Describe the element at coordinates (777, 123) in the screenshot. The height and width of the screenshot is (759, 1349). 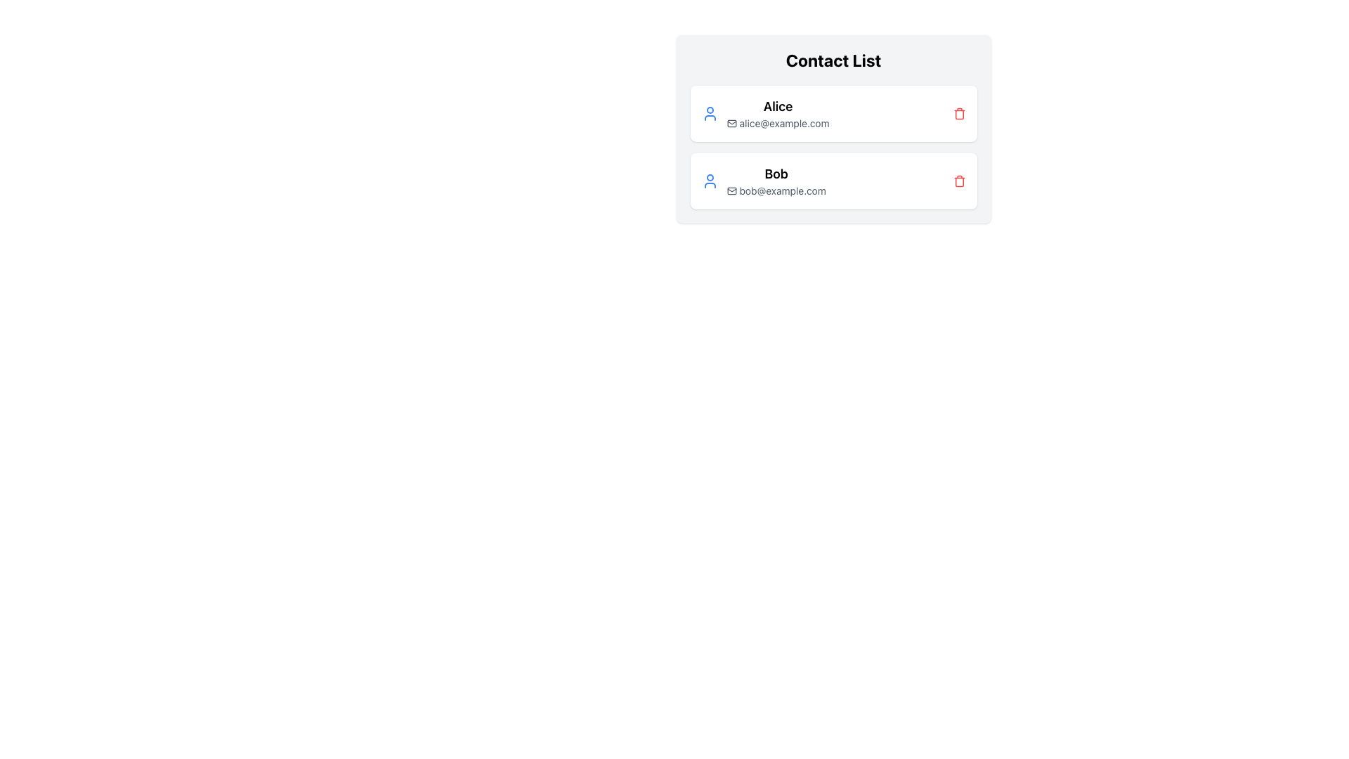
I see `the text displaying the email address 'alice@example.com', which is styled in a small gray font and located next to a mail icon, situated directly below the label 'Alice' in the first card of the contact list interface` at that location.